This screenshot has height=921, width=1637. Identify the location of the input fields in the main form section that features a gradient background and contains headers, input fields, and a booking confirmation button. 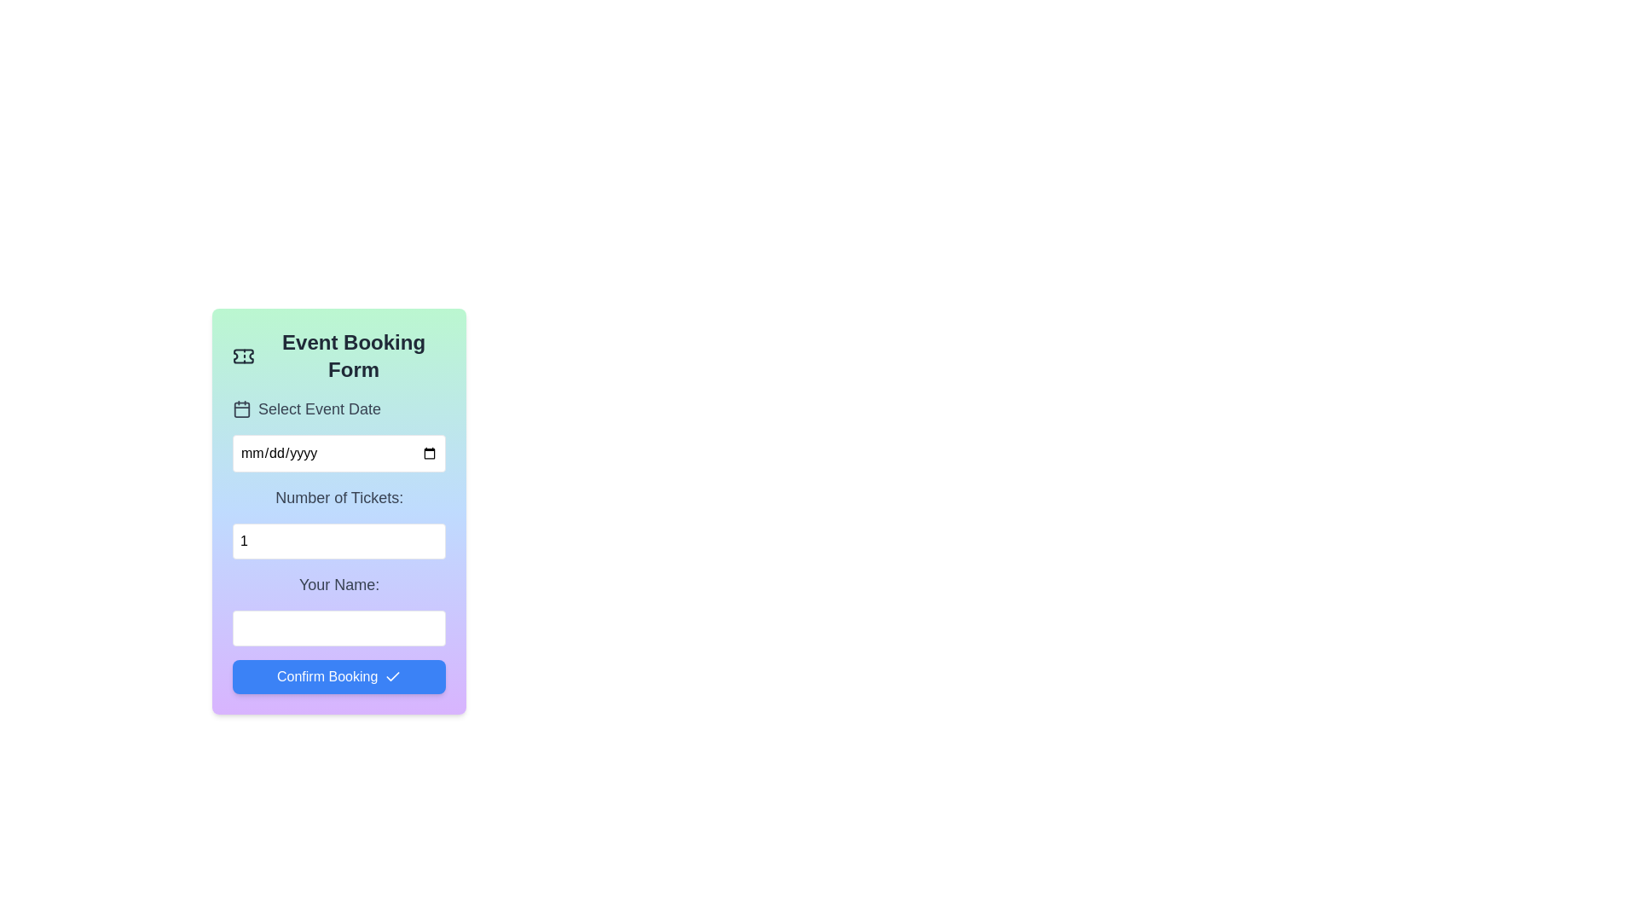
(339, 546).